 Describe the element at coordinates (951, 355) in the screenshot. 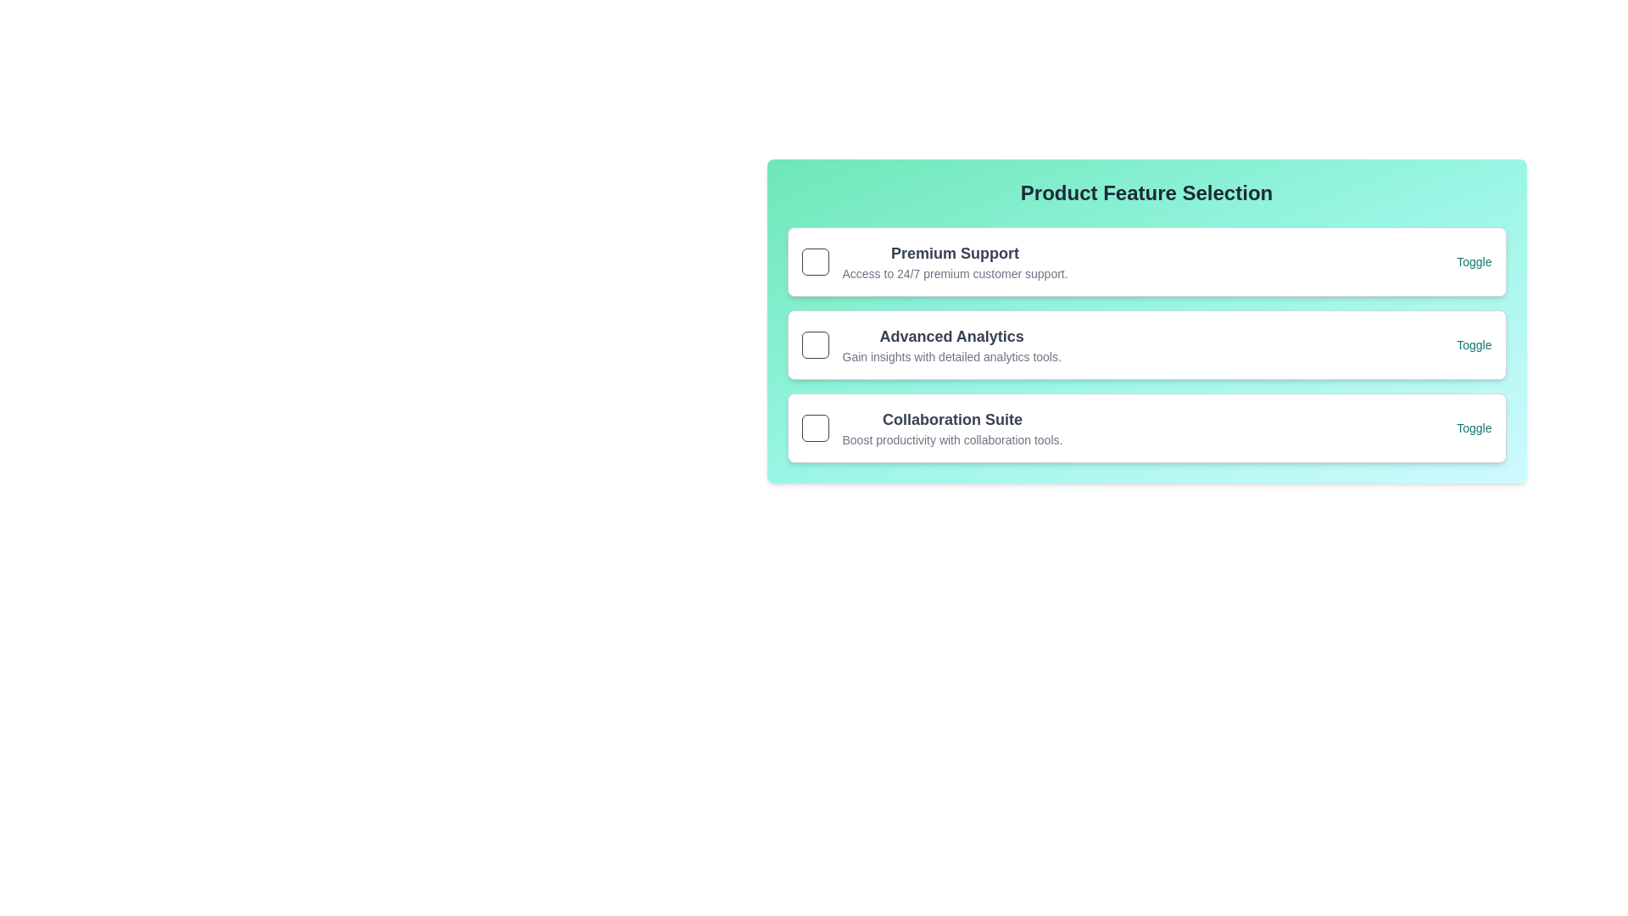

I see `the descriptive text element located under the 'Advanced Analytics' title in the option box` at that location.